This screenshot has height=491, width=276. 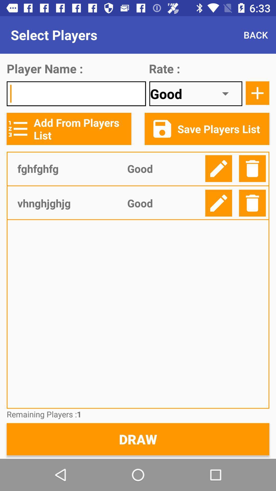 I want to click on edit a comment, so click(x=218, y=169).